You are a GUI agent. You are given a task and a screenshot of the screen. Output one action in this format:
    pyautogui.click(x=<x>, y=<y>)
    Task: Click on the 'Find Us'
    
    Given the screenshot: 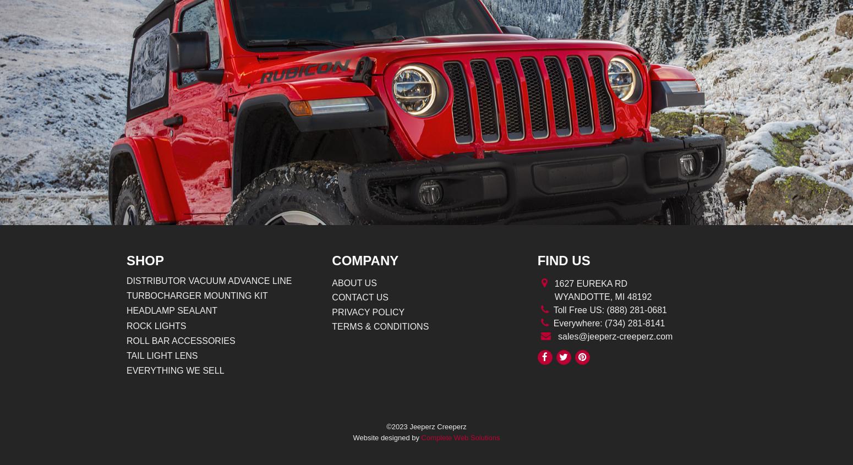 What is the action you would take?
    pyautogui.click(x=563, y=260)
    